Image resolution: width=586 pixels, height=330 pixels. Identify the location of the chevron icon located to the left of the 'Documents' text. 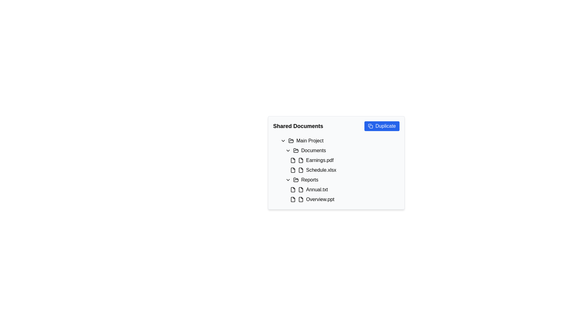
(288, 151).